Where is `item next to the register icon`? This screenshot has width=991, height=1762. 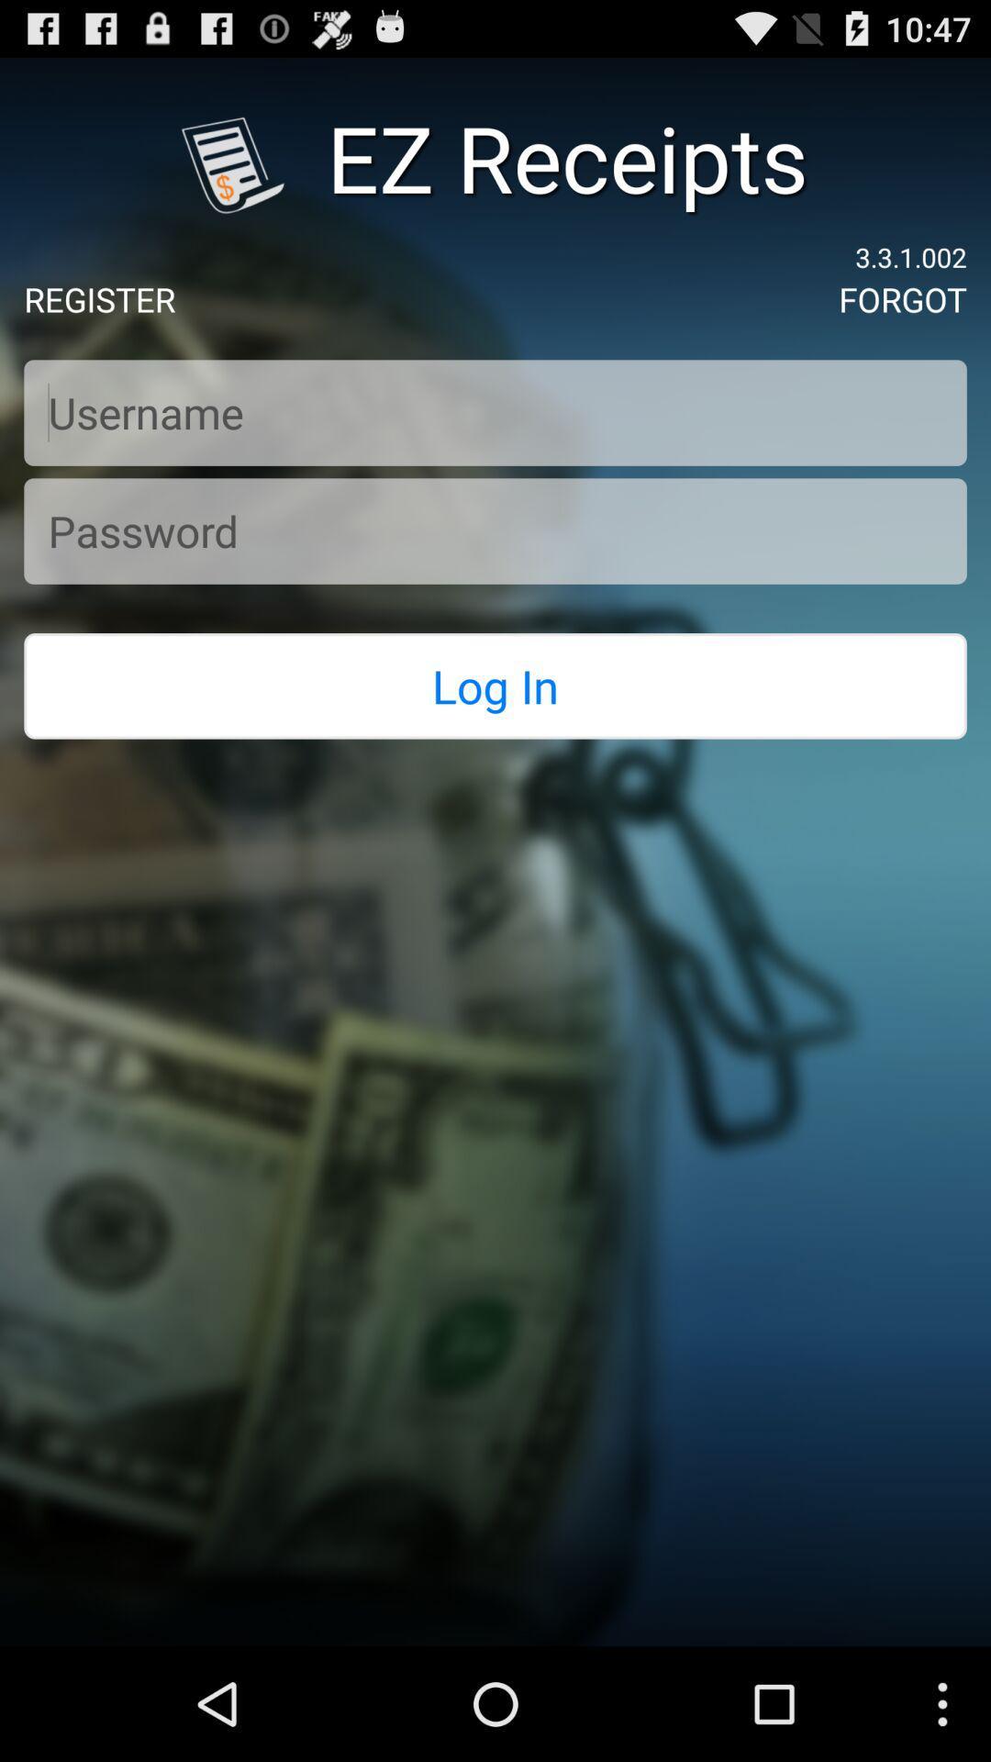
item next to the register icon is located at coordinates (901, 299).